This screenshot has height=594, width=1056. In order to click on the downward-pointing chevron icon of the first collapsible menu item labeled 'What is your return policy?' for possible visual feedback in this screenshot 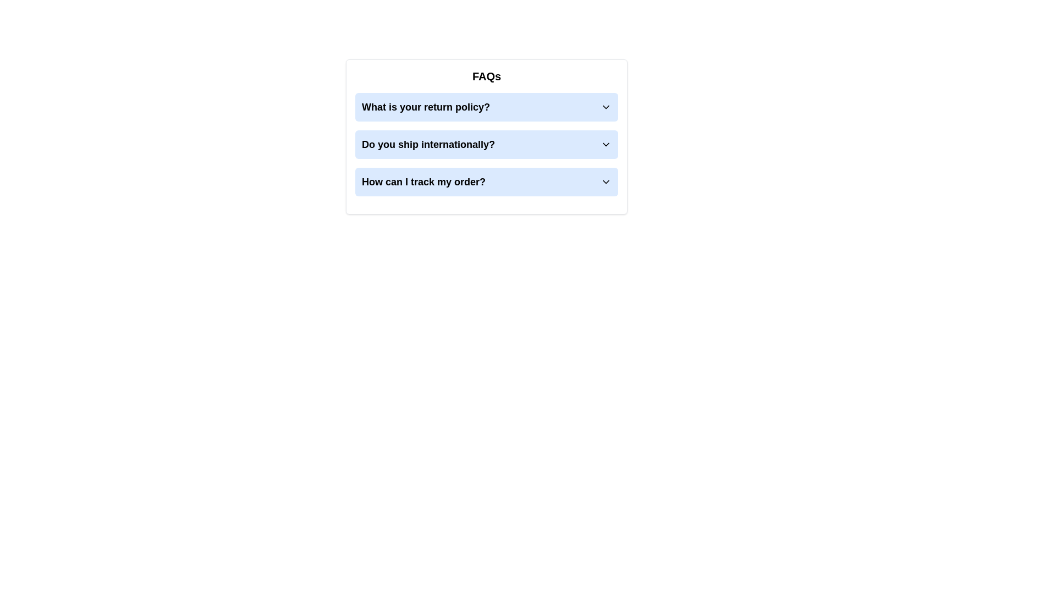, I will do `click(606, 107)`.